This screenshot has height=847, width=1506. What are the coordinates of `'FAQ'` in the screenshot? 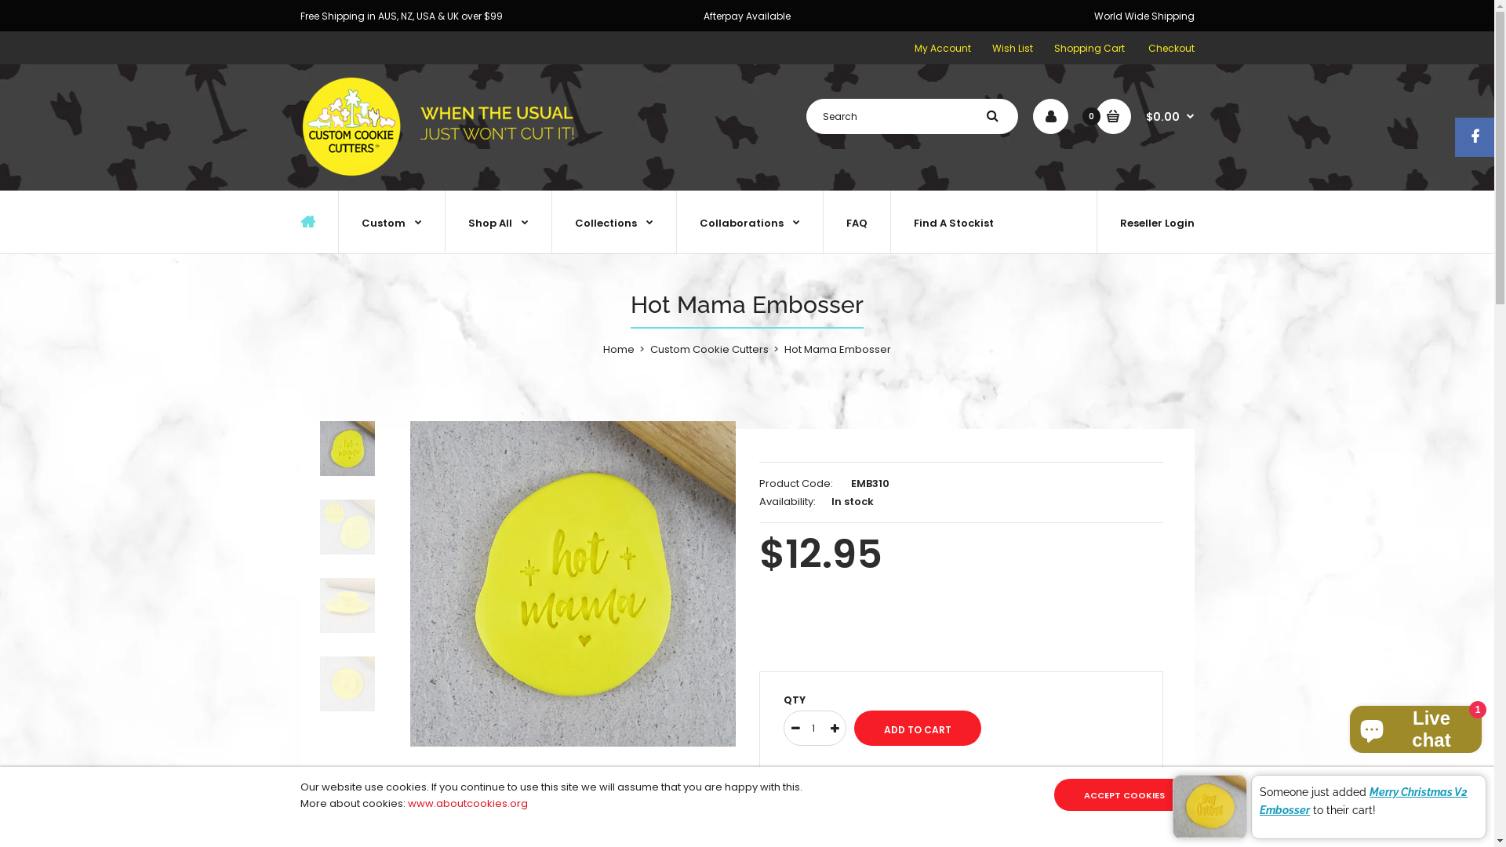 It's located at (856, 221).